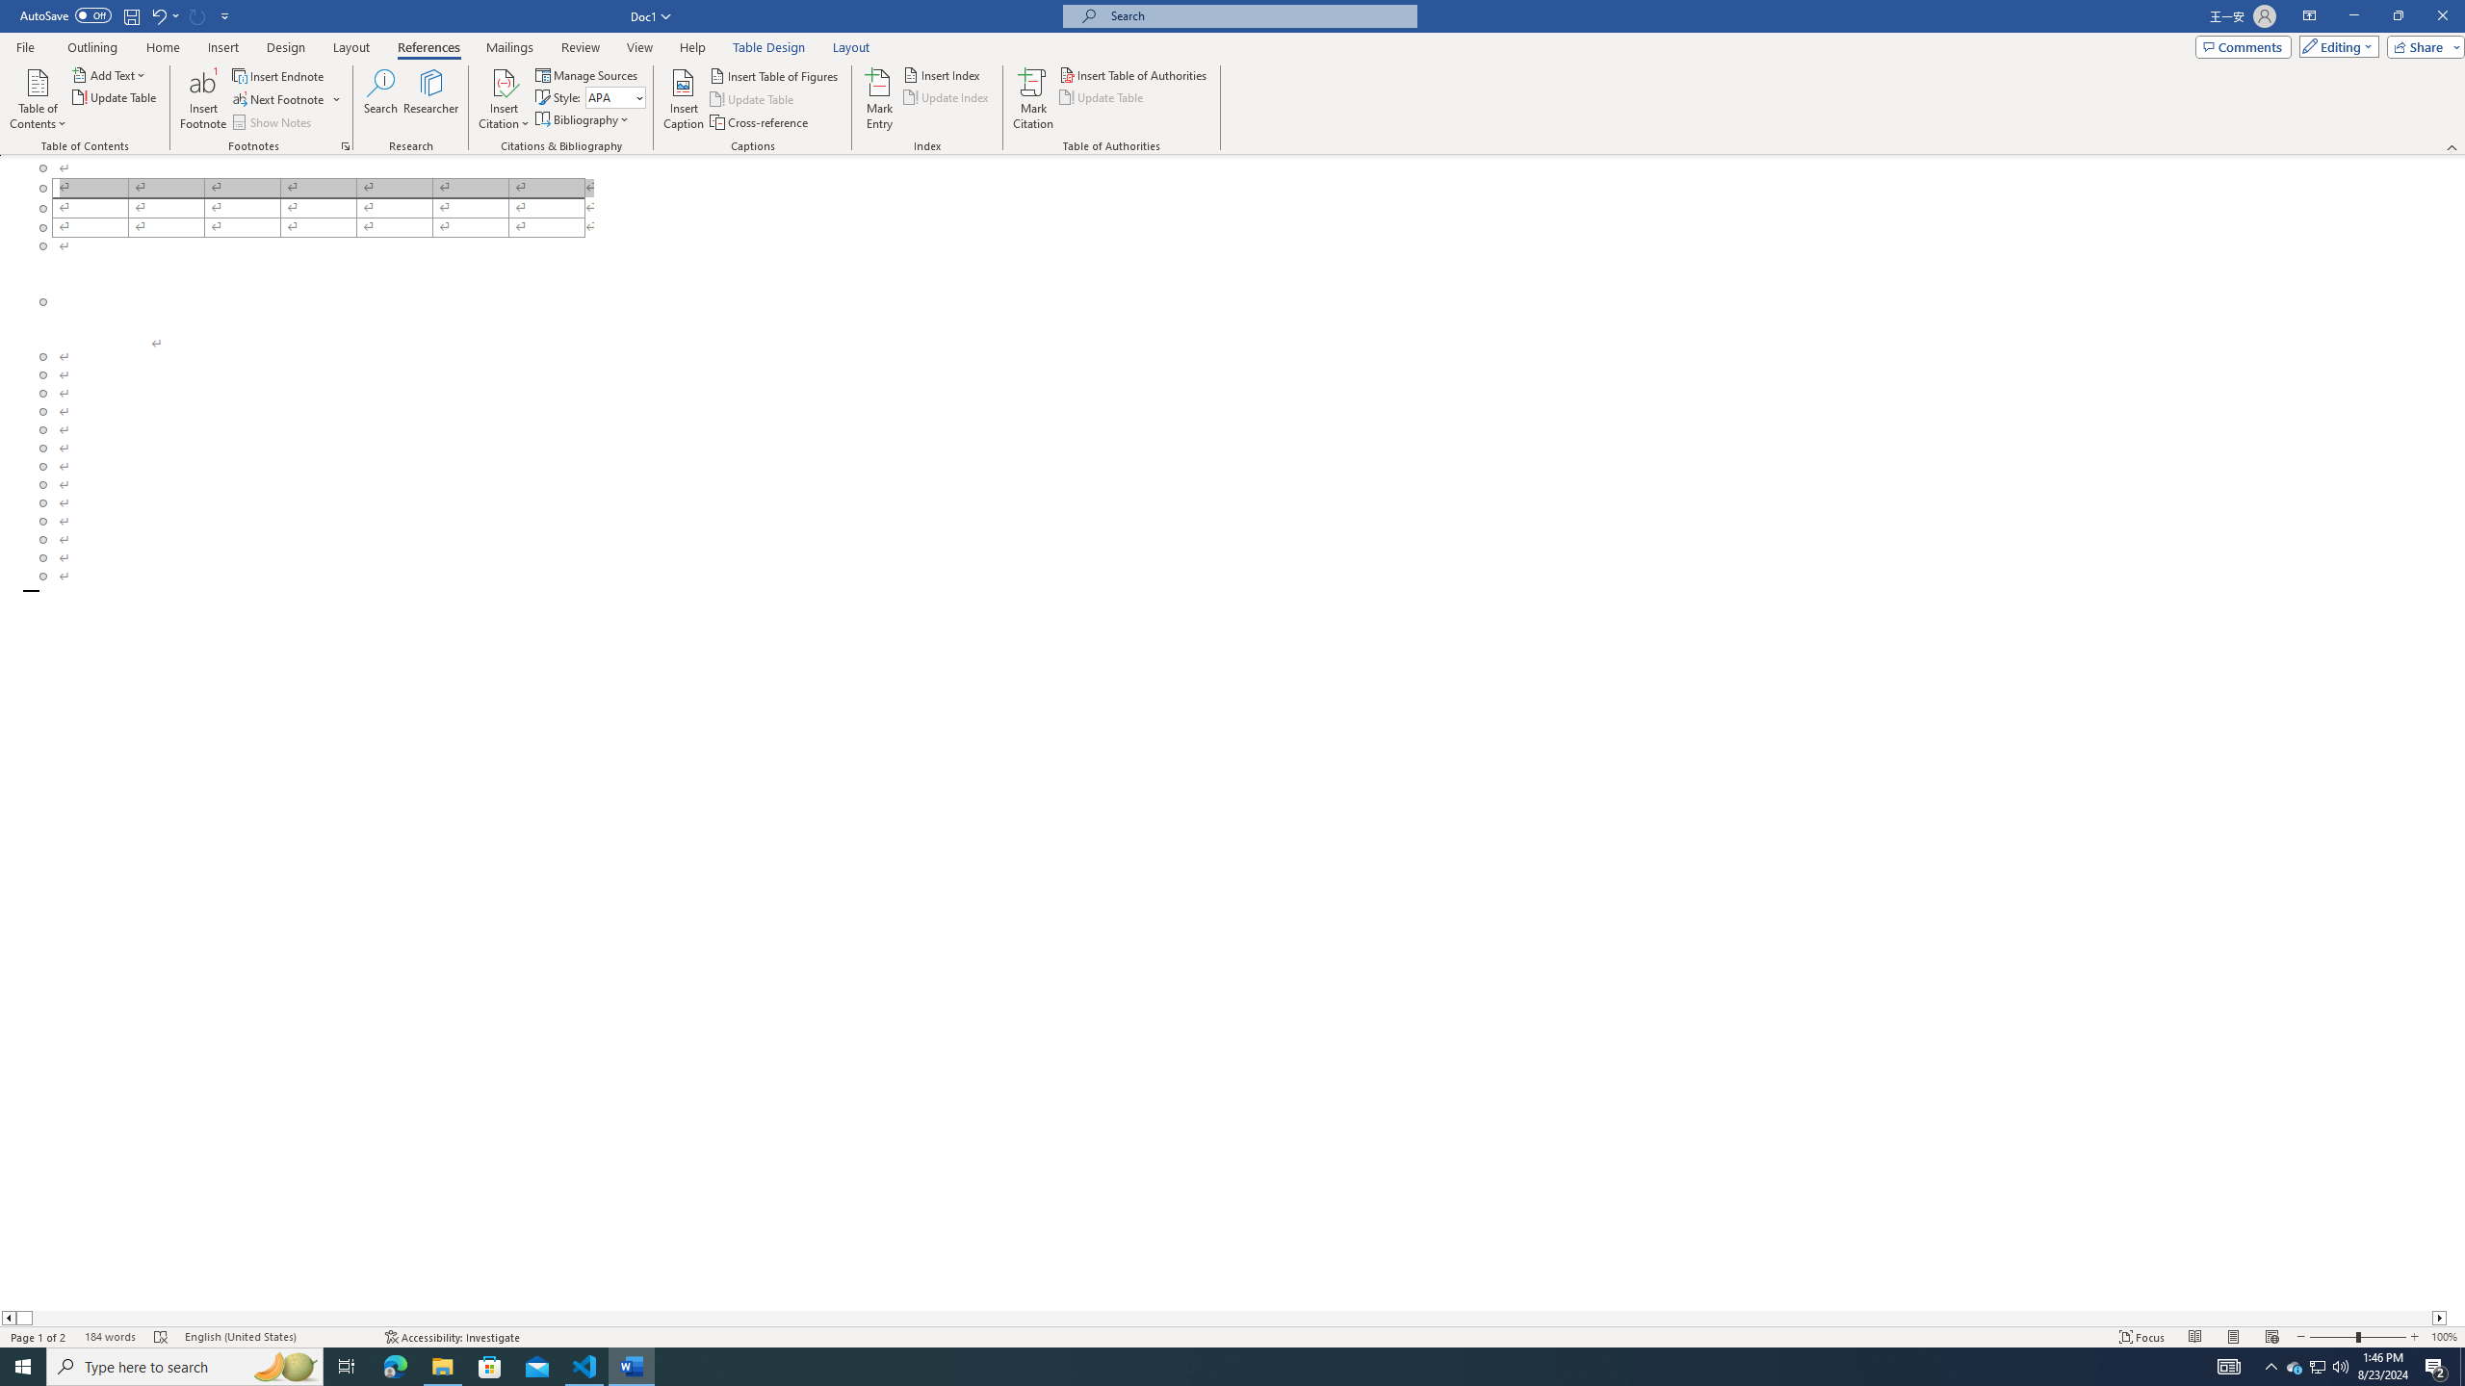 This screenshot has width=2465, height=1386. What do you see at coordinates (109, 1337) in the screenshot?
I see `'Word Count 184 words'` at bounding box center [109, 1337].